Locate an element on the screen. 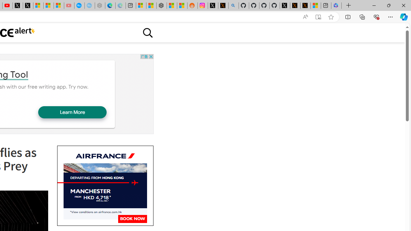 The width and height of the screenshot is (411, 231). 'X Privacy Policy' is located at coordinates (305, 5).